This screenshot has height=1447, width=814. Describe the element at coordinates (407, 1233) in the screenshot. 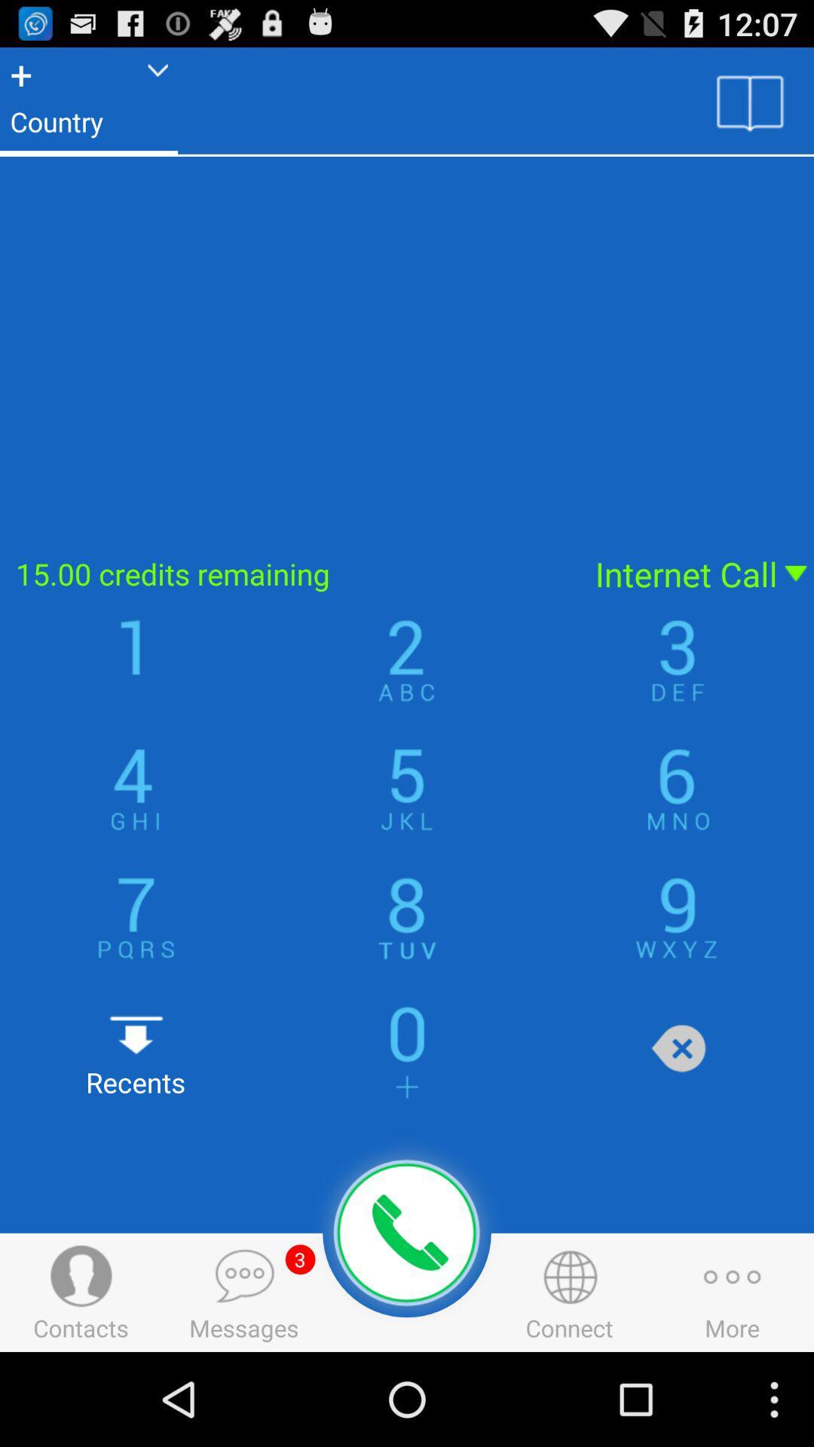

I see `make a call` at that location.